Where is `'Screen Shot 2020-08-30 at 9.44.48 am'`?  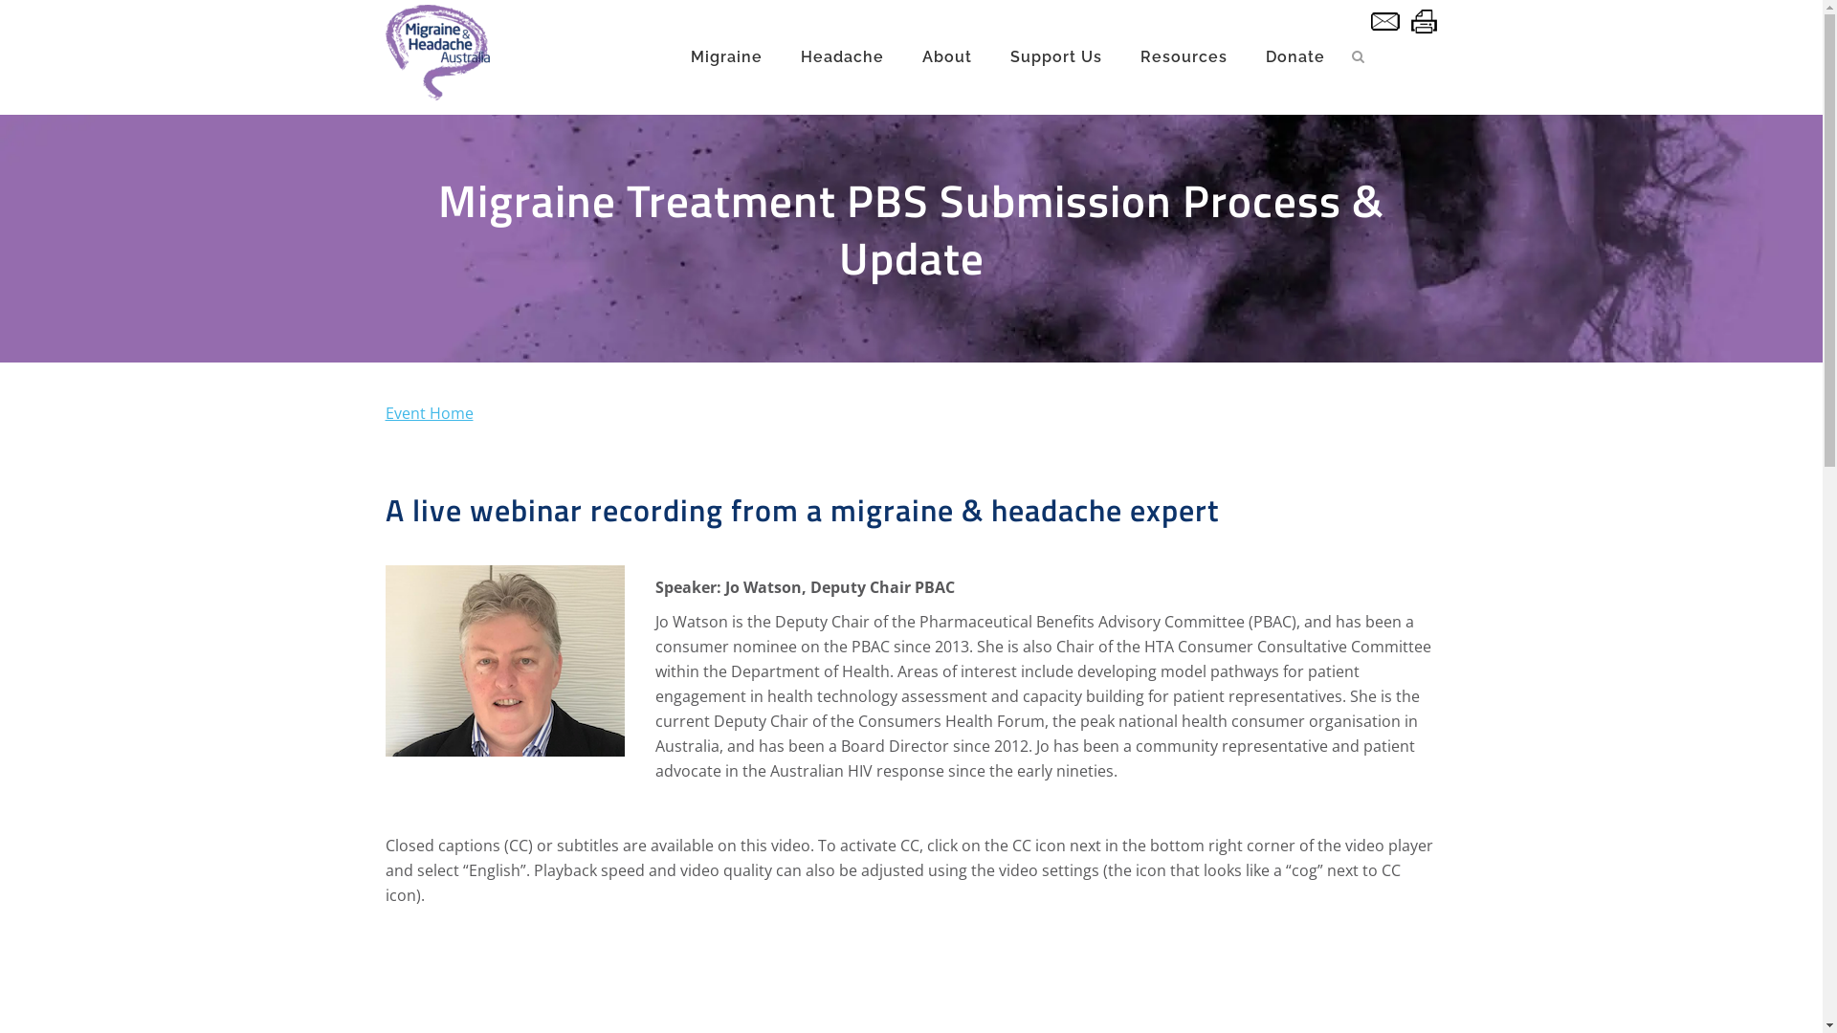 'Screen Shot 2020-08-30 at 9.44.48 am' is located at coordinates (504, 659).